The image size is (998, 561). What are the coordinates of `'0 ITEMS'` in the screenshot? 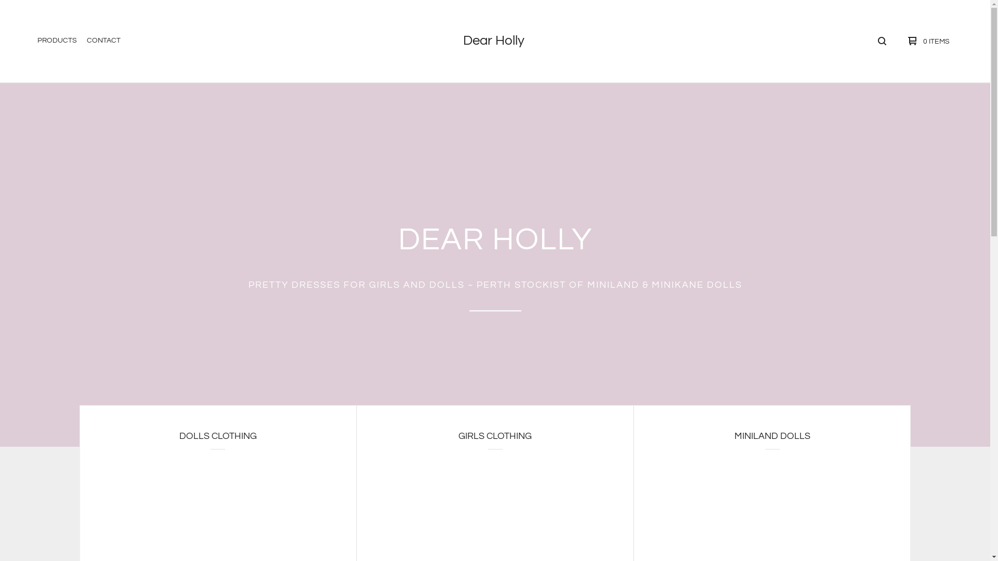 It's located at (898, 40).